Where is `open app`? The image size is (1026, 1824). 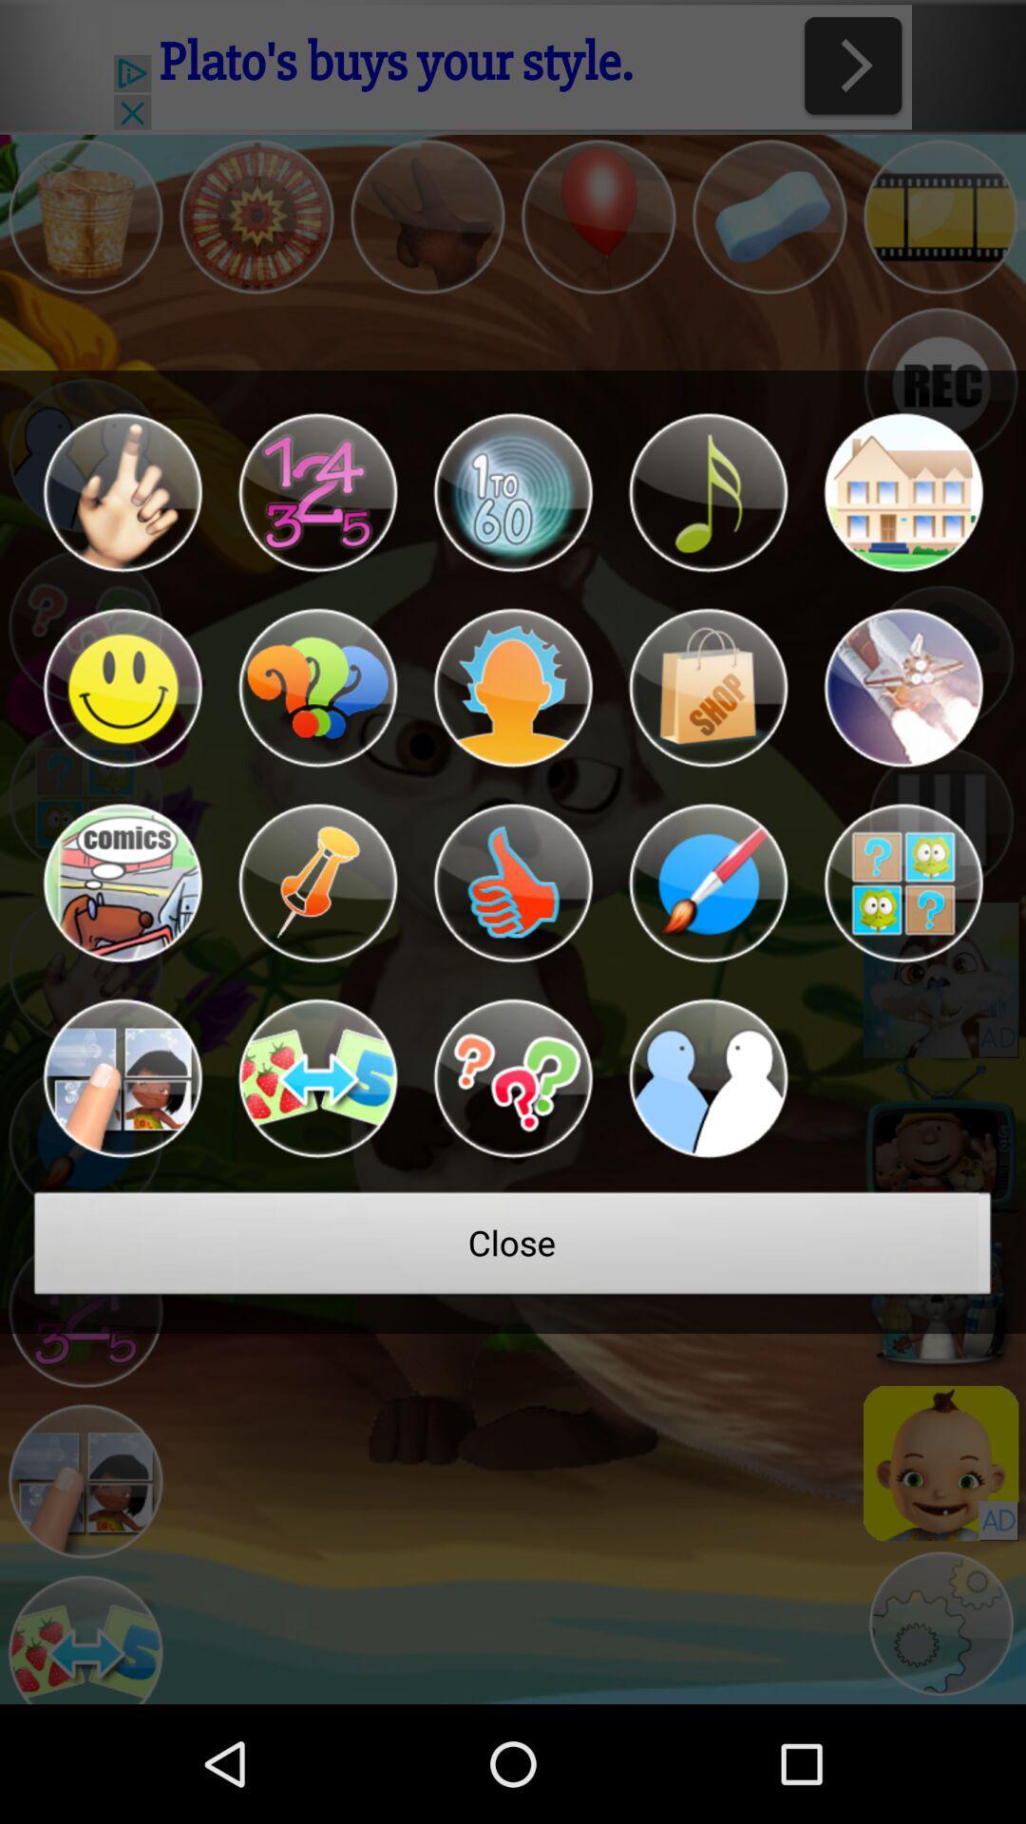 open app is located at coordinates (708, 687).